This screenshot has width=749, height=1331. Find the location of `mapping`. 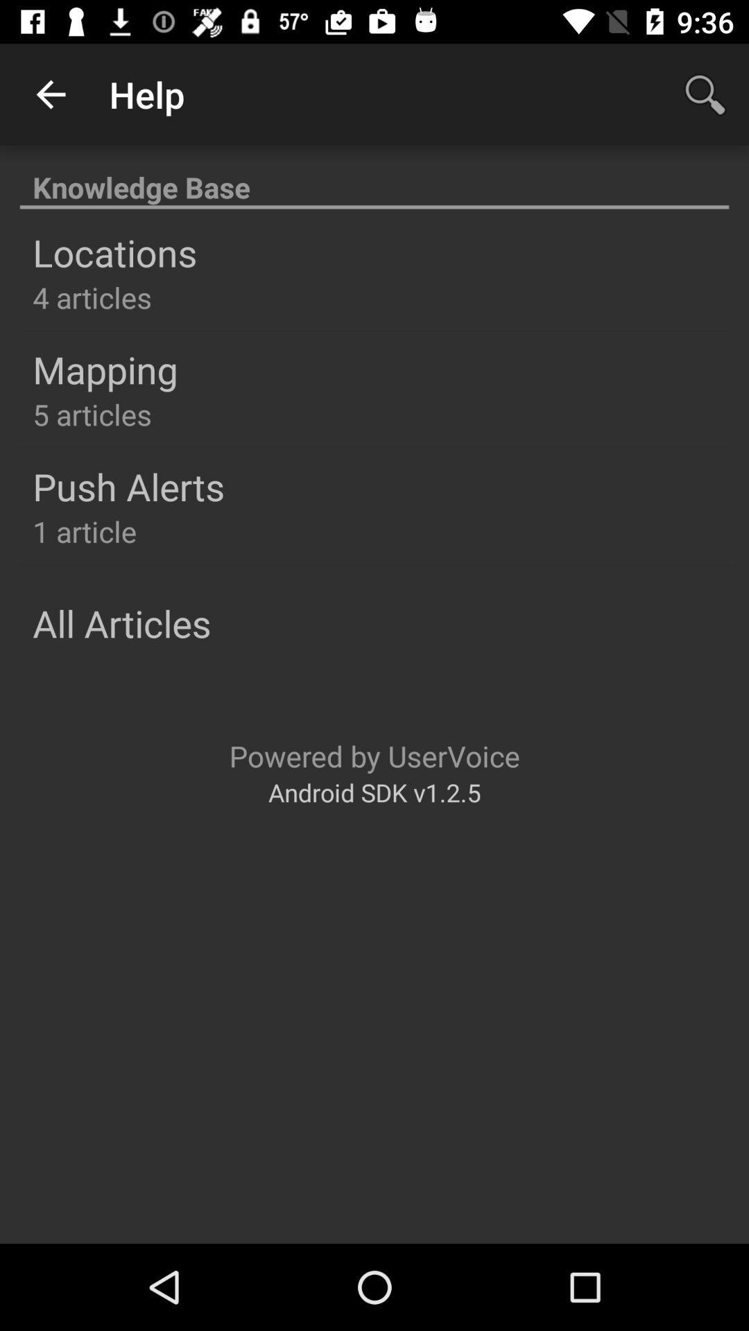

mapping is located at coordinates (104, 369).